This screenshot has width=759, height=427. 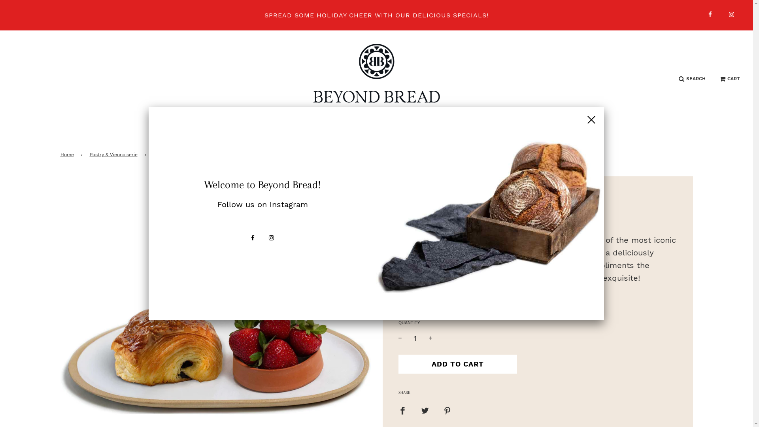 What do you see at coordinates (376, 15) in the screenshot?
I see `'SPREAD SOME HOLIDAY CHEER WITH OUR DELICIOUS SPECIALS!'` at bounding box center [376, 15].